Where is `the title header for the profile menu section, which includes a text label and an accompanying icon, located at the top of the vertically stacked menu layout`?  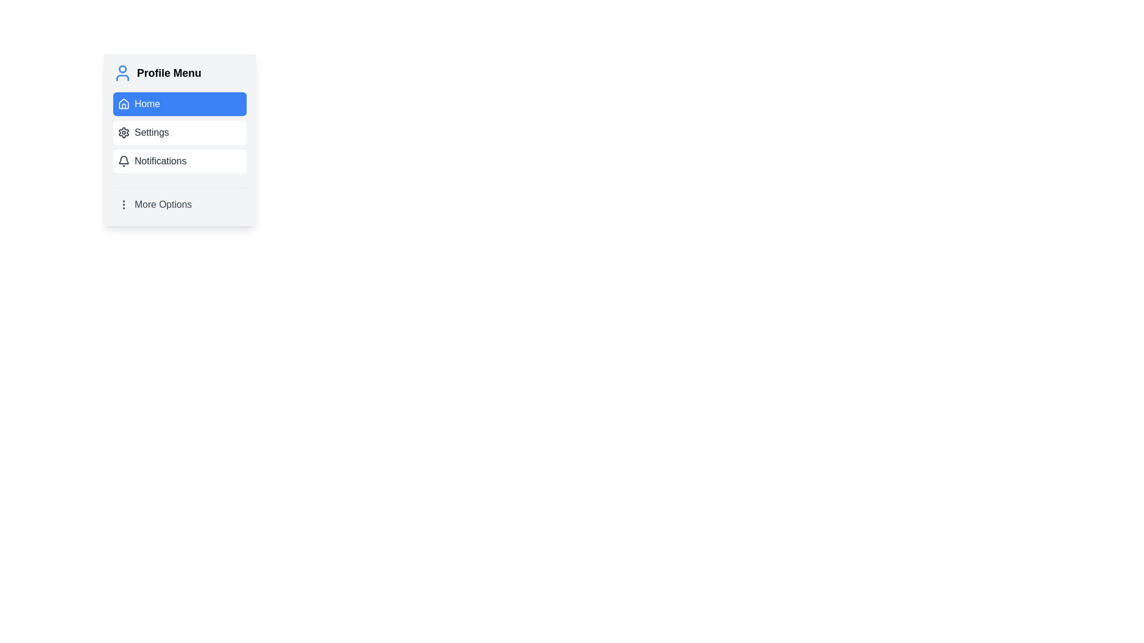 the title header for the profile menu section, which includes a text label and an accompanying icon, located at the top of the vertically stacked menu layout is located at coordinates (179, 73).